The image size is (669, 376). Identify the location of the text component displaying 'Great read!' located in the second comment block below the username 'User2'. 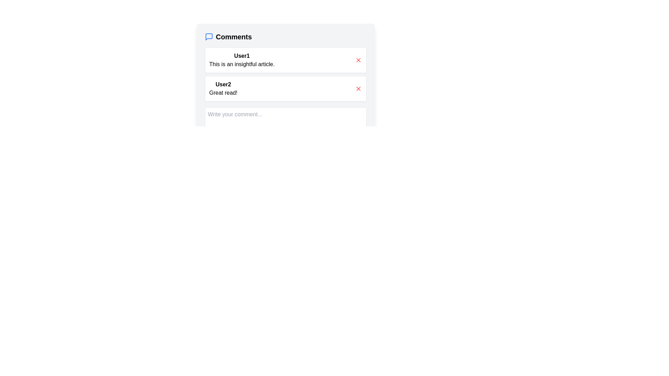
(223, 92).